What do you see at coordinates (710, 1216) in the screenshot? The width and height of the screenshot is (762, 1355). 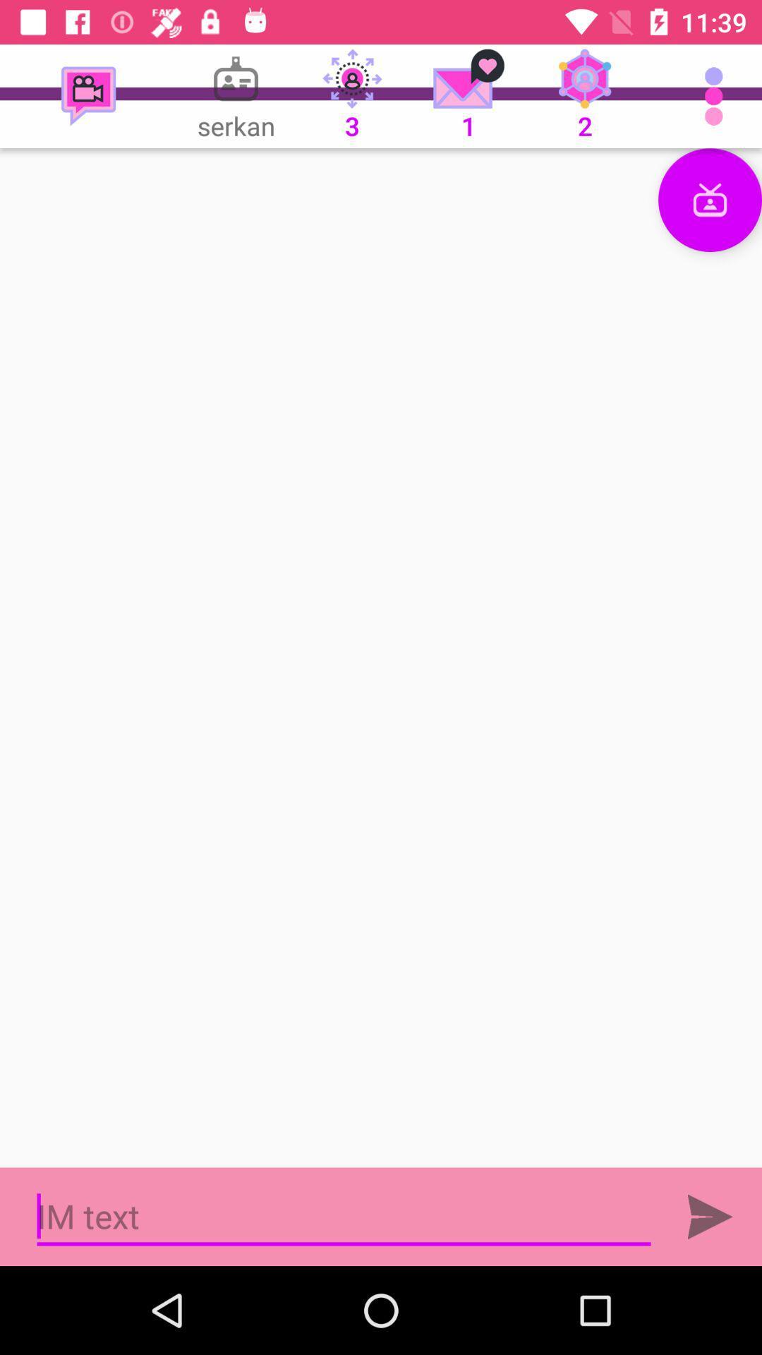 I see `play` at bounding box center [710, 1216].